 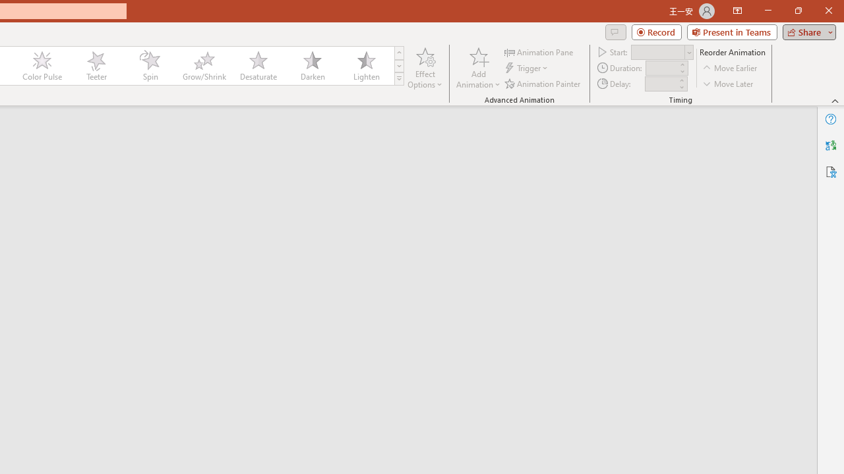 What do you see at coordinates (681, 80) in the screenshot?
I see `'More'` at bounding box center [681, 80].